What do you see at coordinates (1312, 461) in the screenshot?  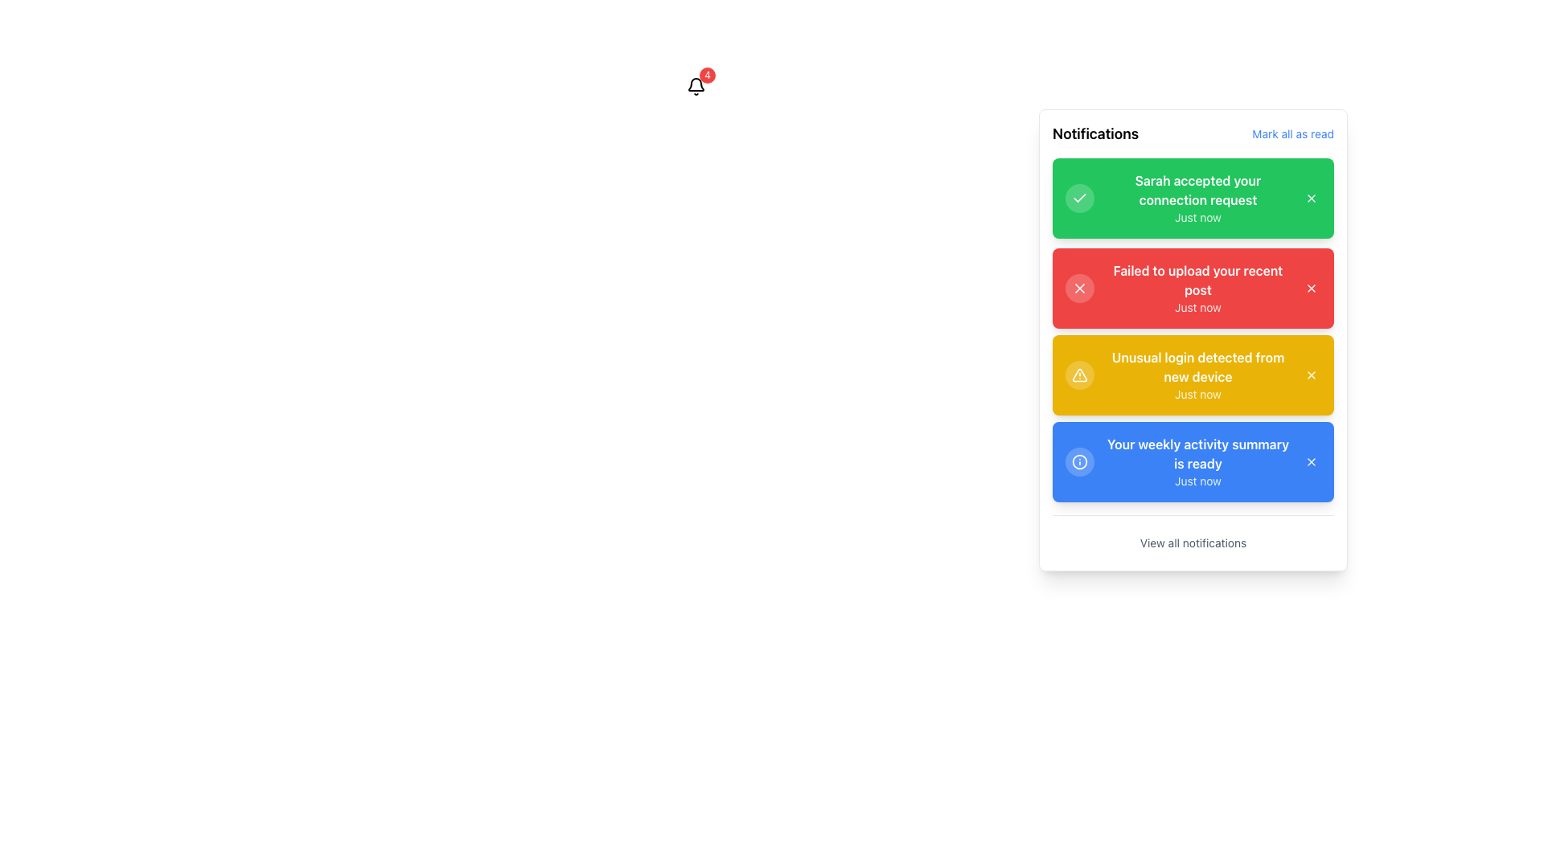 I see `the 'X' icon located at the right edge of the 'Your weekly activity summary is ready' notification card` at bounding box center [1312, 461].